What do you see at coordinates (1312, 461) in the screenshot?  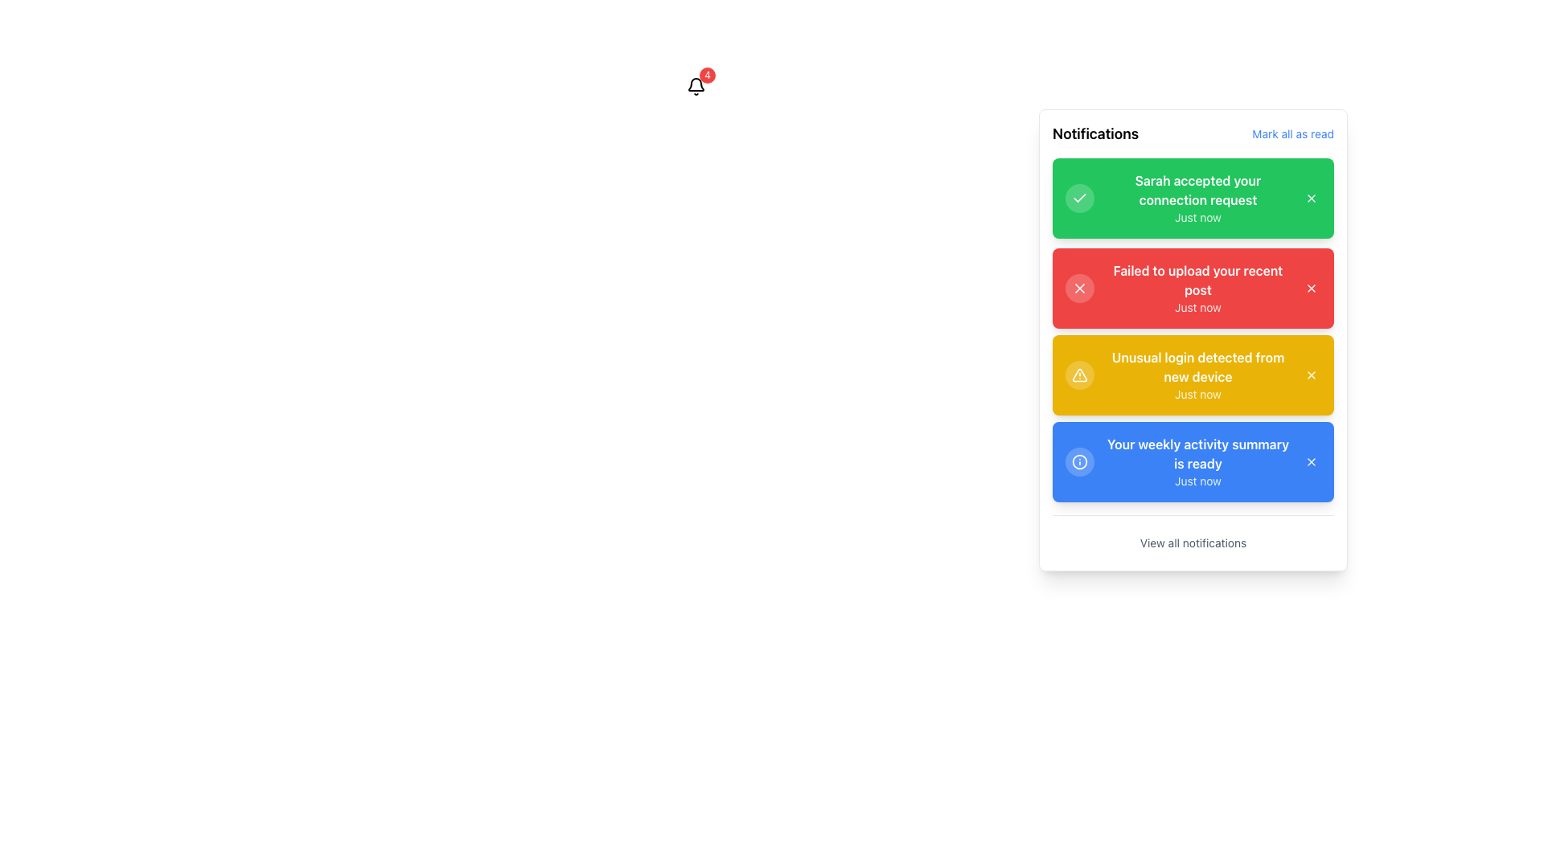 I see `the 'X' icon located at the right edge of the 'Your weekly activity summary is ready' notification card` at bounding box center [1312, 461].